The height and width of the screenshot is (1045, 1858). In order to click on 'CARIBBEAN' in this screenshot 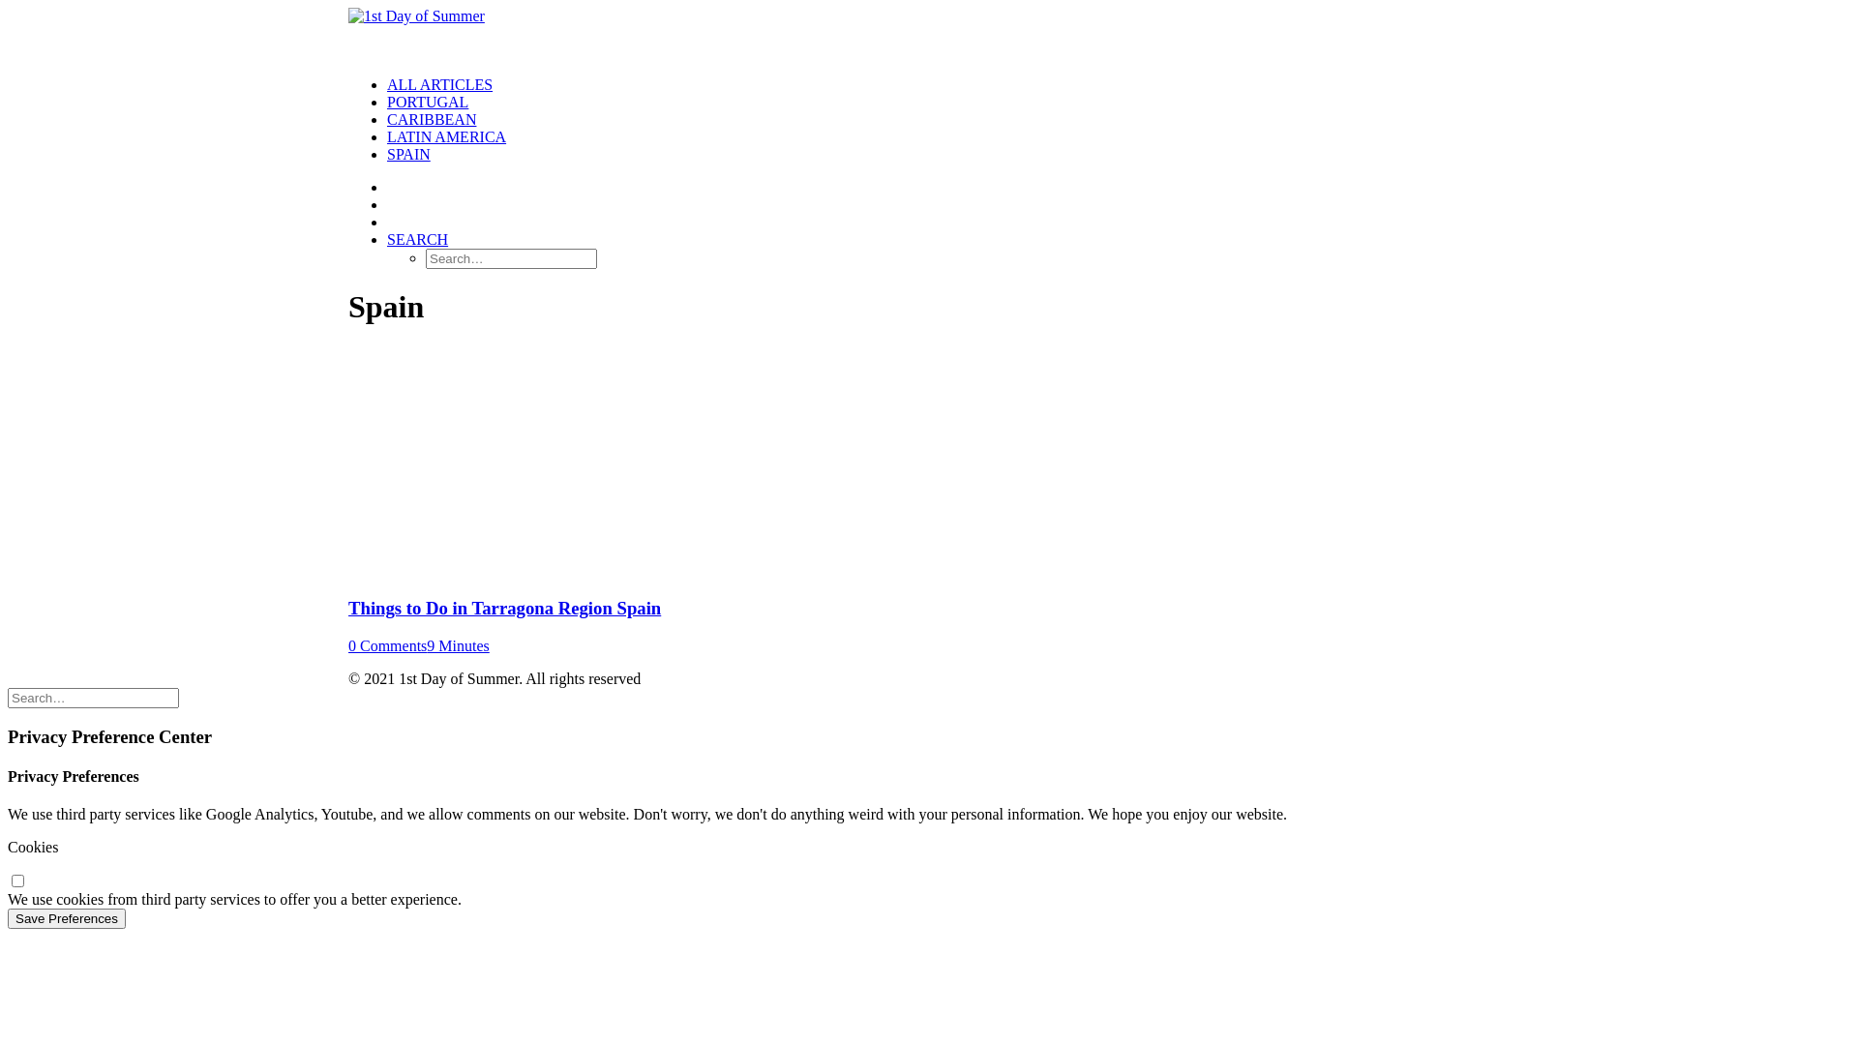, I will do `click(431, 119)`.